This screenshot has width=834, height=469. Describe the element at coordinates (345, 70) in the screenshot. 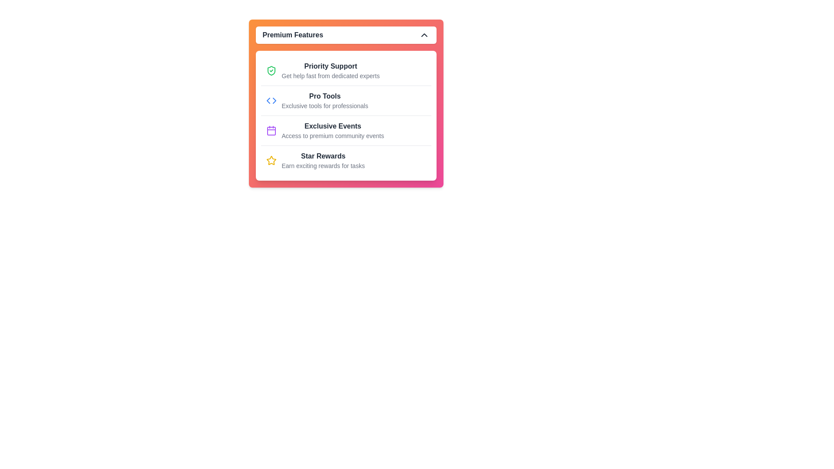

I see `the 'Priority Support' list item` at that location.